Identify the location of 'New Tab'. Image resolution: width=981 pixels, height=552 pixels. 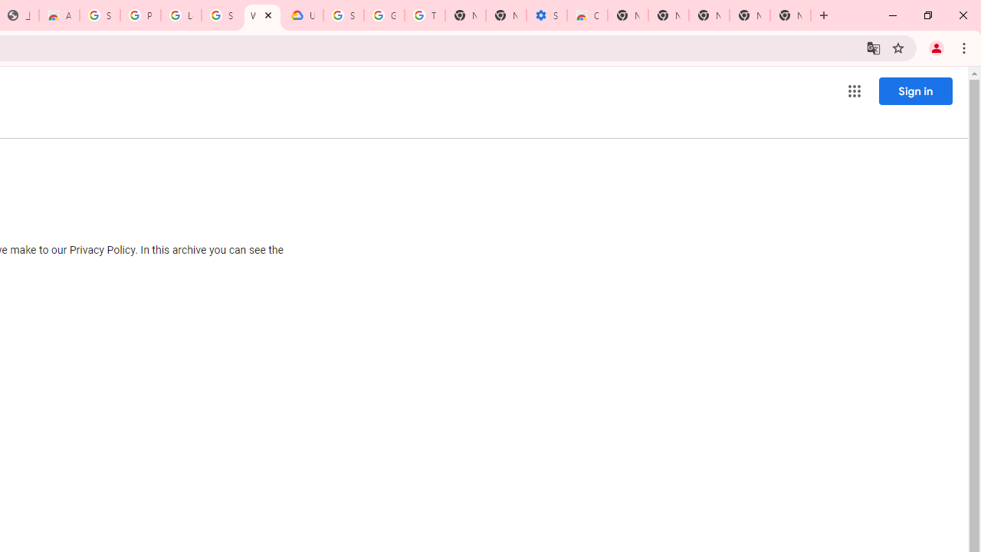
(790, 15).